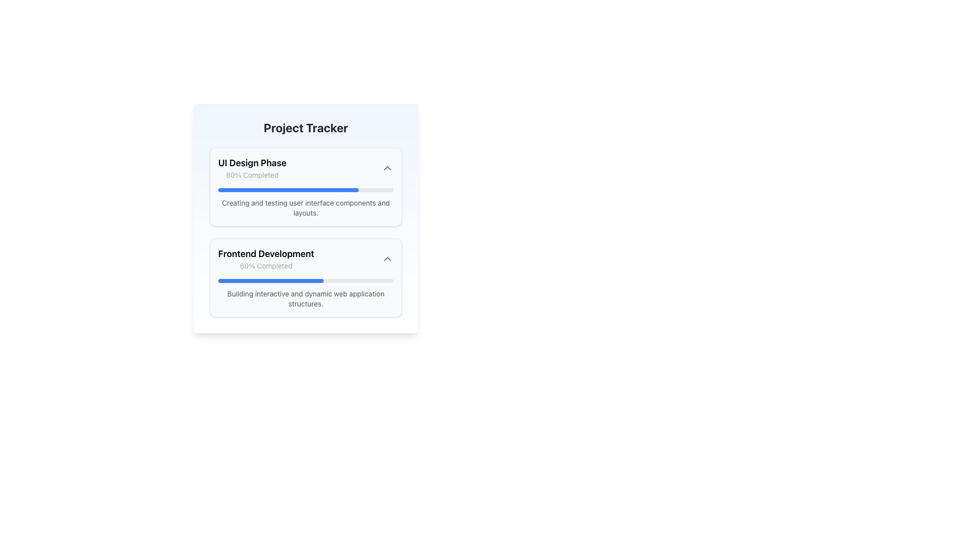  I want to click on the completion information of the Progress indicator representing the 'UI Design Phase' in the Project Tracker section by clicking on its center, so click(288, 190).